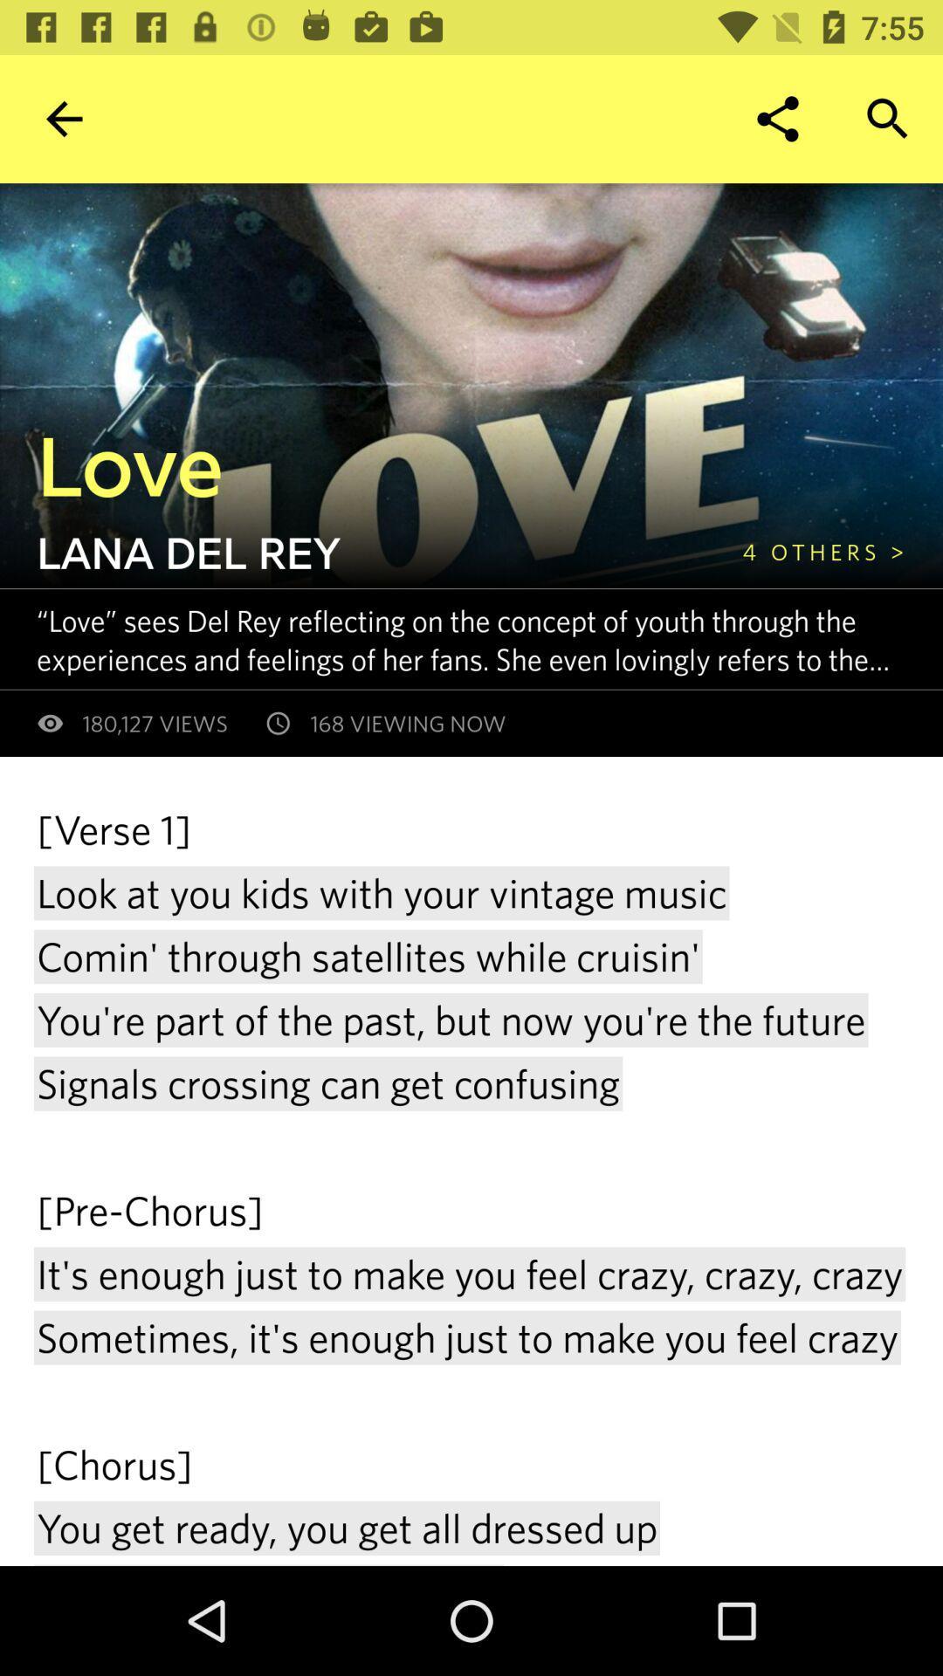  Describe the element at coordinates (471, 1184) in the screenshot. I see `icon below 180,127 views item` at that location.